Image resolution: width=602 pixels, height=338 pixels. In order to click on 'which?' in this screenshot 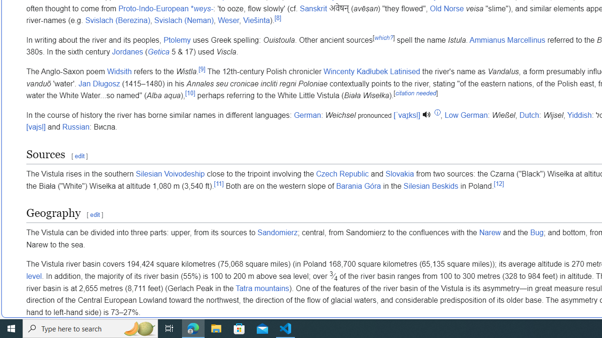, I will do `click(383, 37)`.